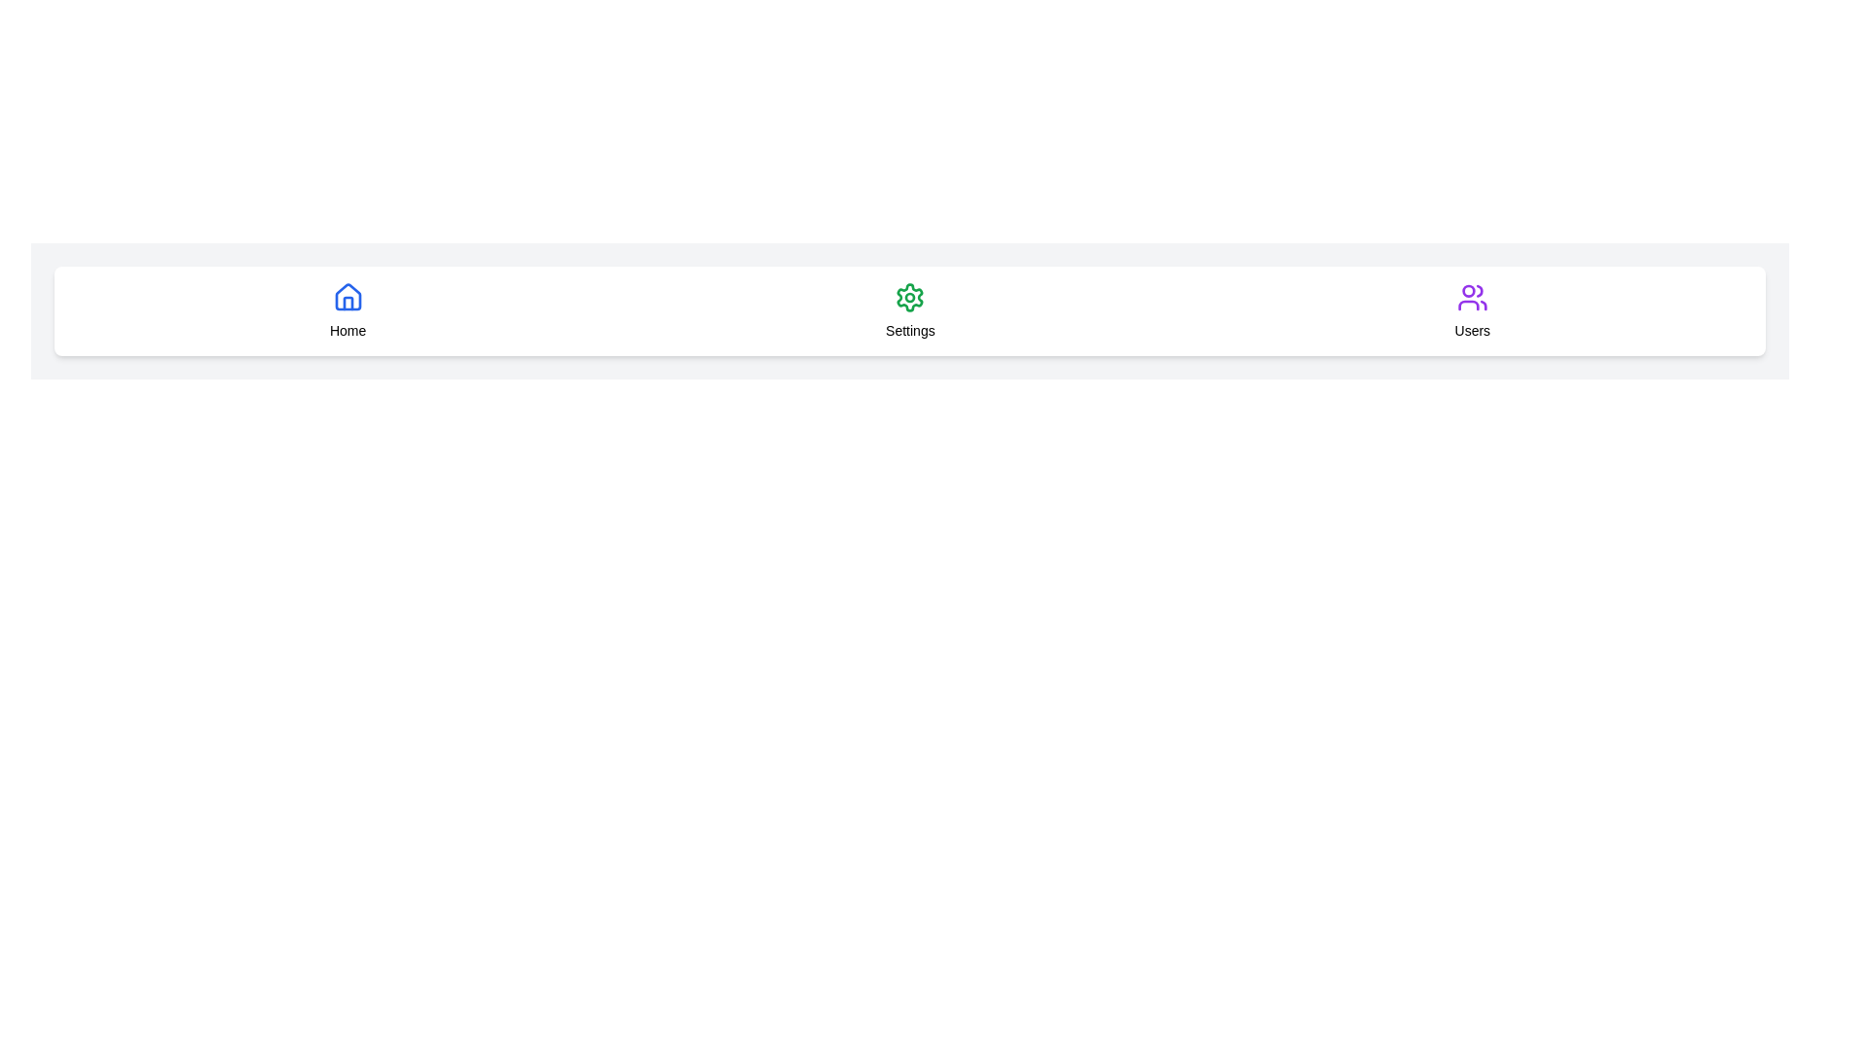  What do you see at coordinates (909, 297) in the screenshot?
I see `the green gear icon representing the settings control, which is located in the middle part of the navigation bar above the 'Settings' label` at bounding box center [909, 297].